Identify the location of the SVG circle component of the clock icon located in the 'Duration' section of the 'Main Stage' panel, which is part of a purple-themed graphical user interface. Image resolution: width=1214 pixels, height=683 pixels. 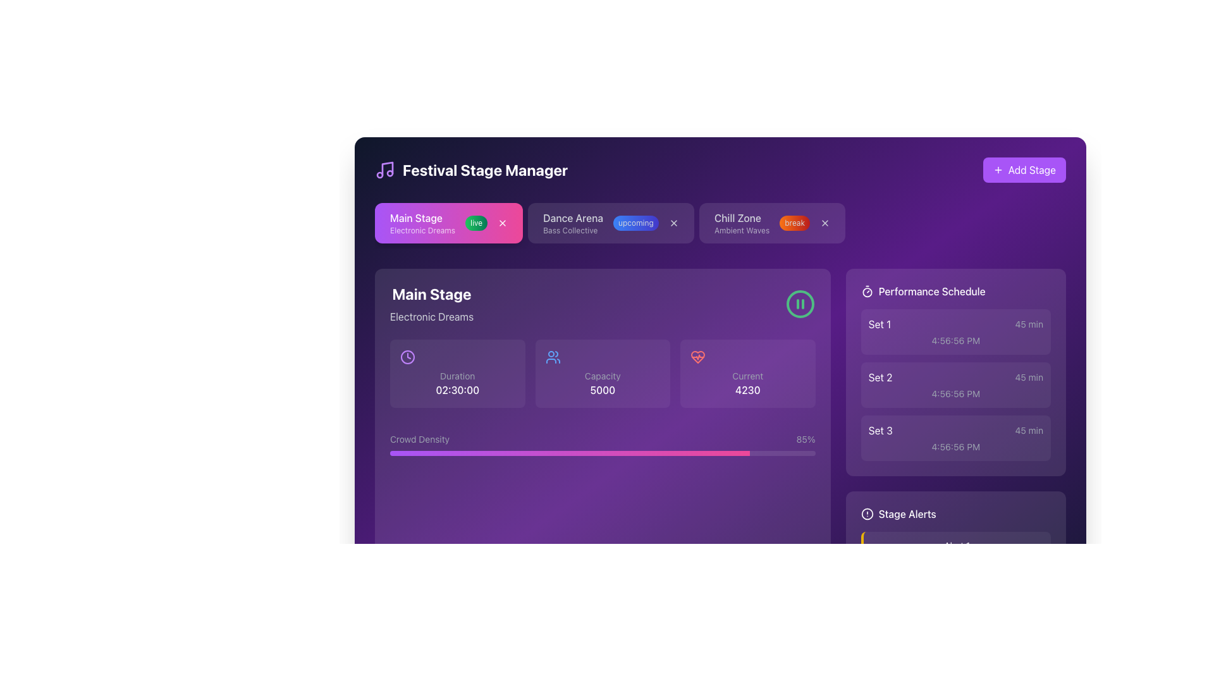
(407, 357).